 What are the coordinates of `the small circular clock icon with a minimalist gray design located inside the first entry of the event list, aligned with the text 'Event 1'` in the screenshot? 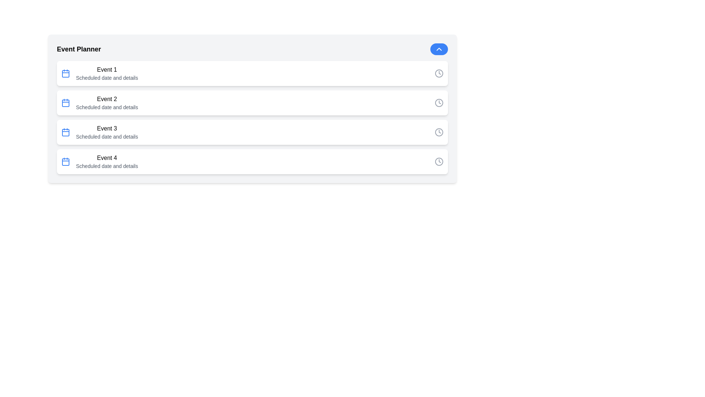 It's located at (439, 74).